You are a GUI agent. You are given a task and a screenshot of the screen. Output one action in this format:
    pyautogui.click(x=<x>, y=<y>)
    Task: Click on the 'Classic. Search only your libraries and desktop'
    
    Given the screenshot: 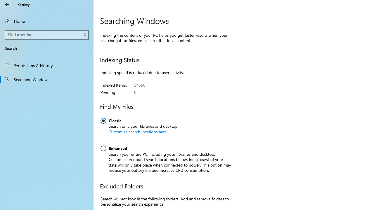 What is the action you would take?
    pyautogui.click(x=139, y=128)
    